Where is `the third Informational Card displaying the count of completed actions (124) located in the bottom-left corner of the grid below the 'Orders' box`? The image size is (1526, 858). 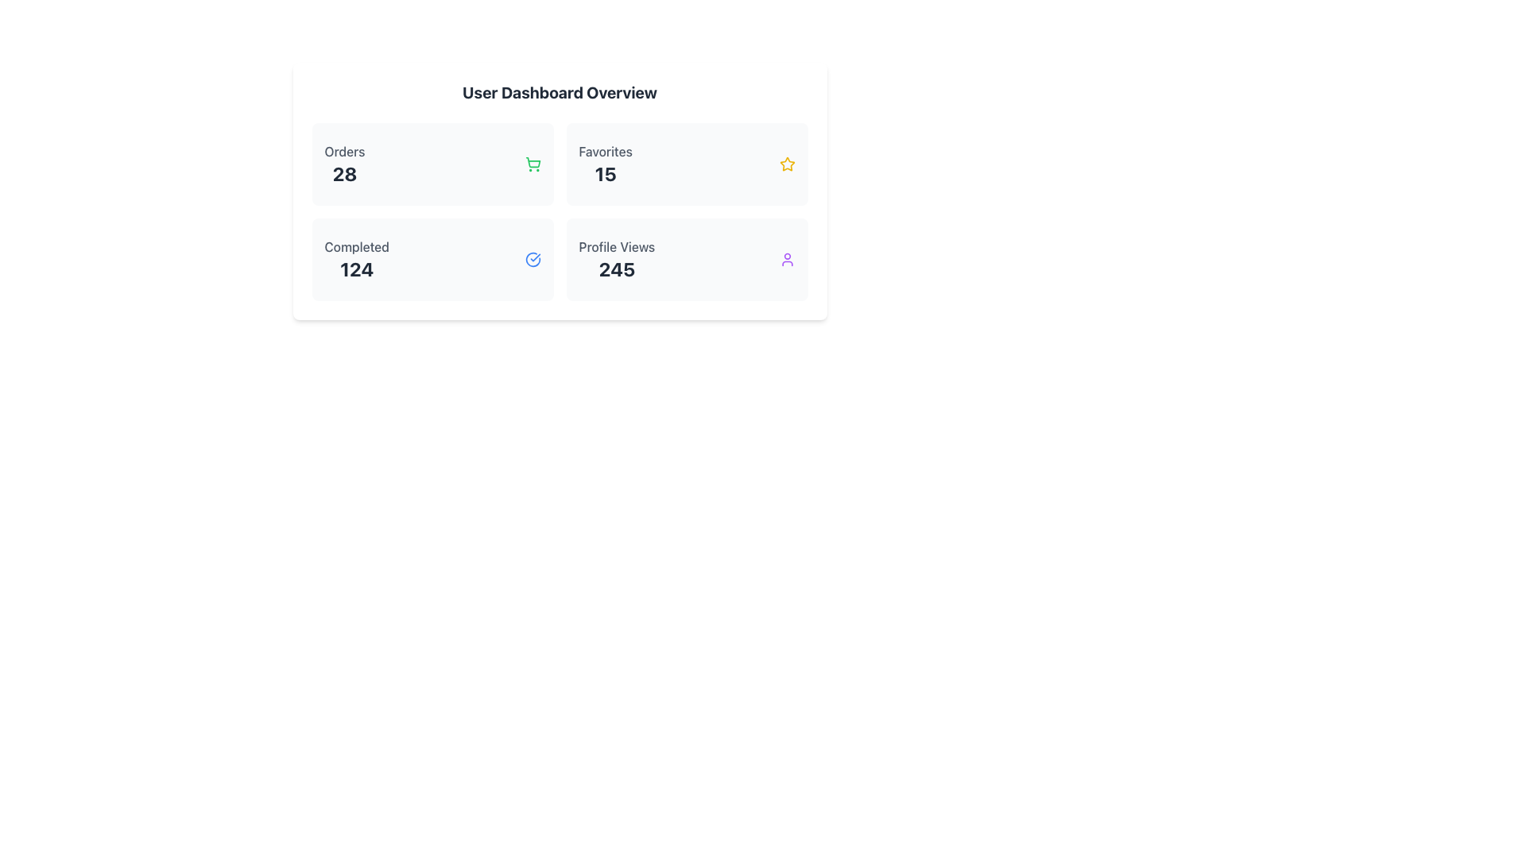
the third Informational Card displaying the count of completed actions (124) located in the bottom-left corner of the grid below the 'Orders' box is located at coordinates (432, 259).